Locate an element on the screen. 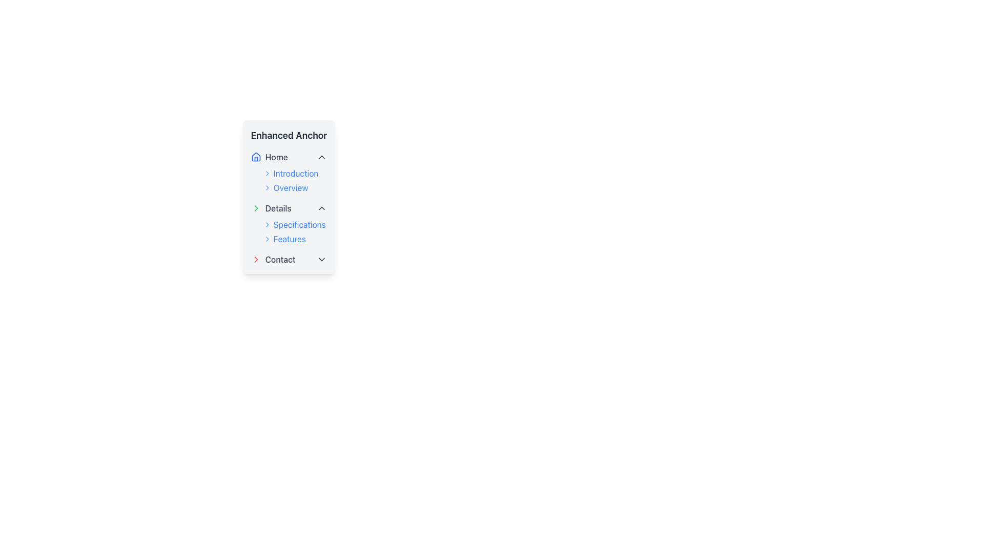  the gray downward-pointing chevron icon located to the right of the 'Contact' label in the vertical navigation panel is located at coordinates (321, 259).